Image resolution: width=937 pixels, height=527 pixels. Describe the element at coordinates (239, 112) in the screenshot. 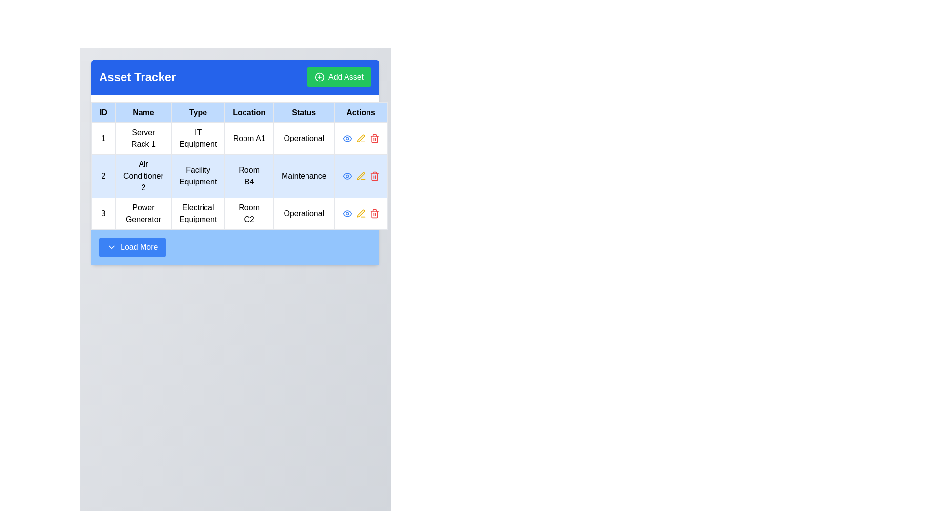

I see `the Table Header Row of the data table, which is visually distinguished by a light blue background and located below the 'Asset Tracker' title and 'Add Asset' button` at that location.